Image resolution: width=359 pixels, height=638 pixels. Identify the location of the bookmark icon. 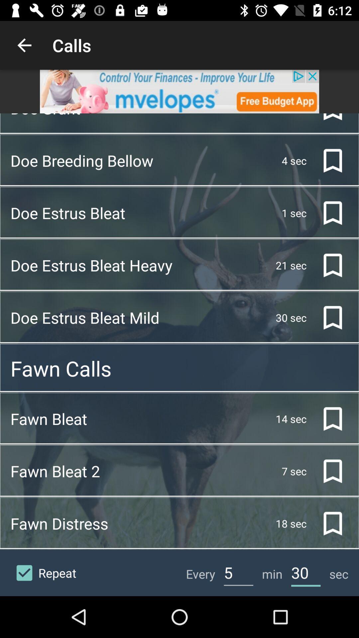
(327, 418).